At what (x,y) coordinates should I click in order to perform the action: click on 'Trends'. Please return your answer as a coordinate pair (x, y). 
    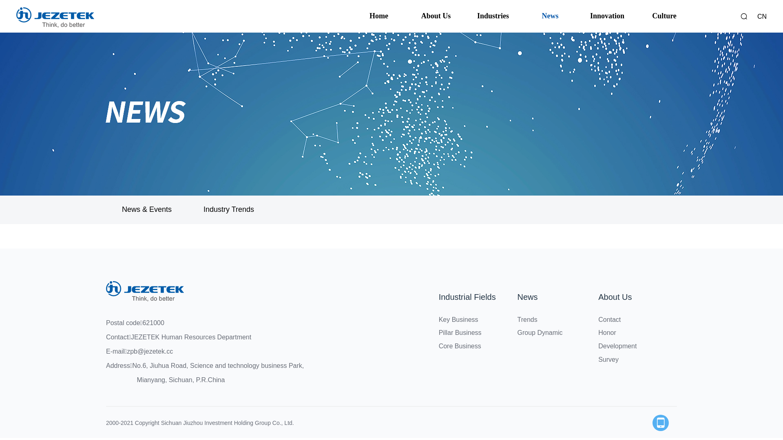
    Looking at the image, I should click on (516, 319).